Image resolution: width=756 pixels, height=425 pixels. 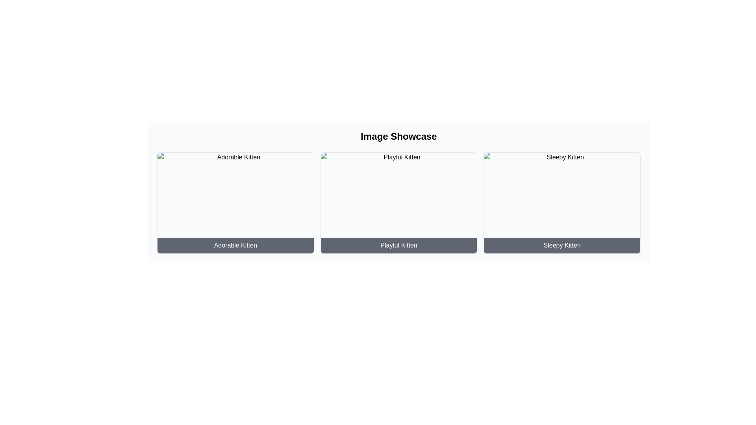 I want to click on the adorable kitten image, which is the first image in a row of three, so click(x=235, y=203).